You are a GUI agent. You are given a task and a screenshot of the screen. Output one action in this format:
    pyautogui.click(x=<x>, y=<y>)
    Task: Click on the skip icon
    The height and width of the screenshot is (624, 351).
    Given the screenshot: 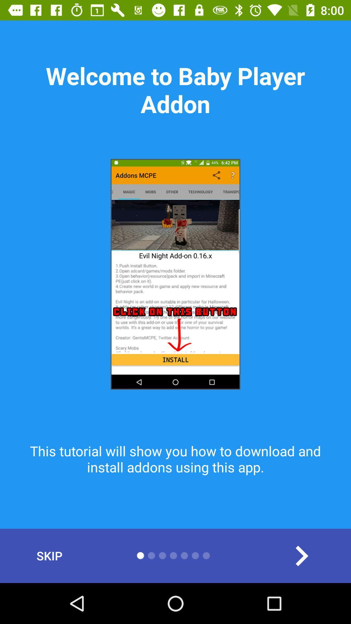 What is the action you would take?
    pyautogui.click(x=49, y=555)
    